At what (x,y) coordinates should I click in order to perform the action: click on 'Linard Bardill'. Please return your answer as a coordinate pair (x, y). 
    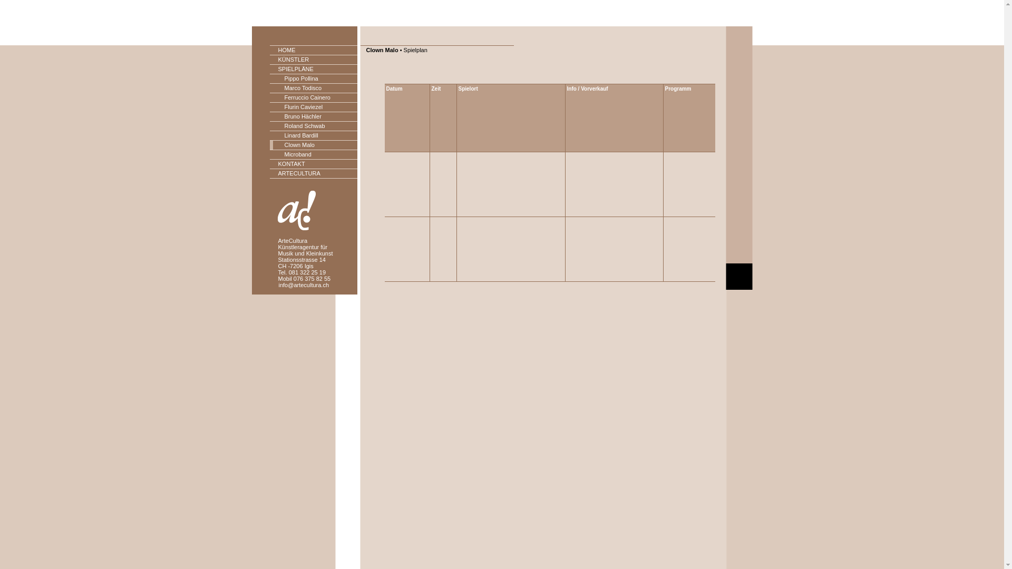
    Looking at the image, I should click on (313, 135).